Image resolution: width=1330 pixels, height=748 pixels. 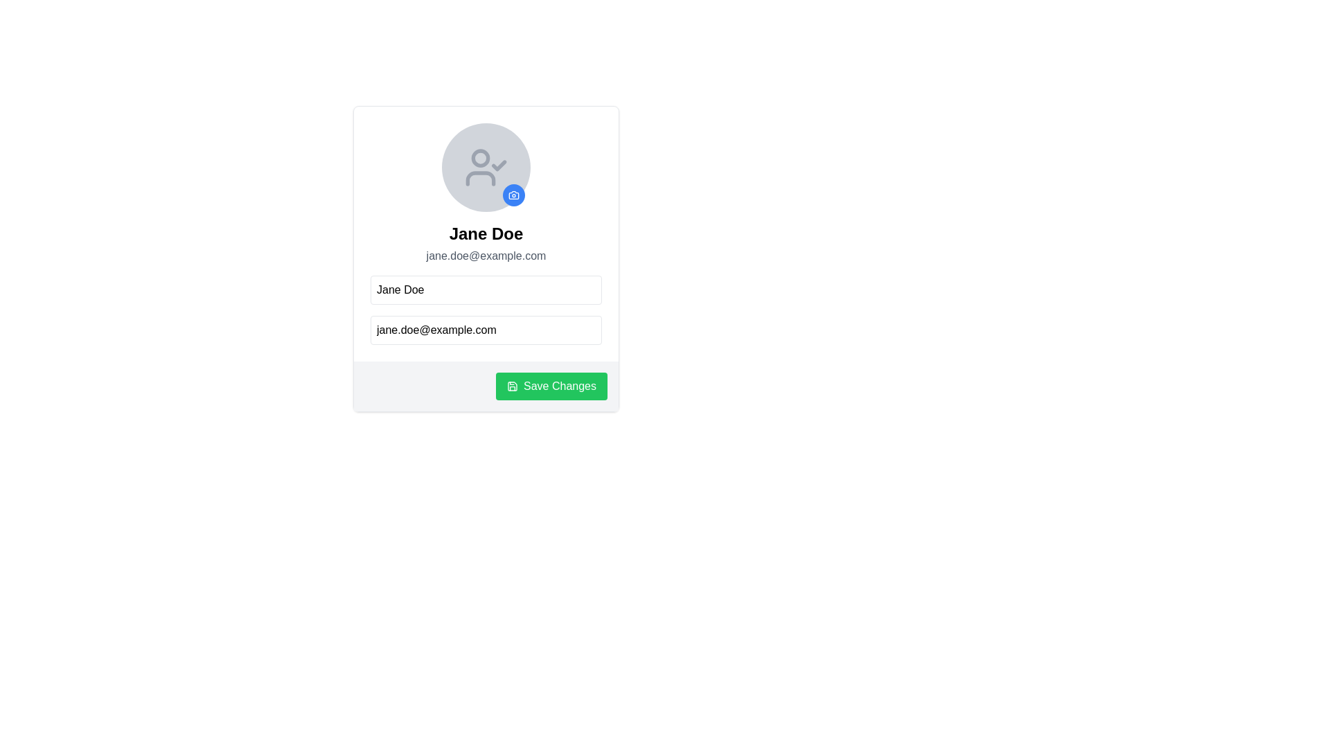 What do you see at coordinates (486, 167) in the screenshot?
I see `the Profile Picture Component, which displays the user's profile picture or placeholder, located above the text 'Jane Doe' and 'jane.doe@example.com'` at bounding box center [486, 167].